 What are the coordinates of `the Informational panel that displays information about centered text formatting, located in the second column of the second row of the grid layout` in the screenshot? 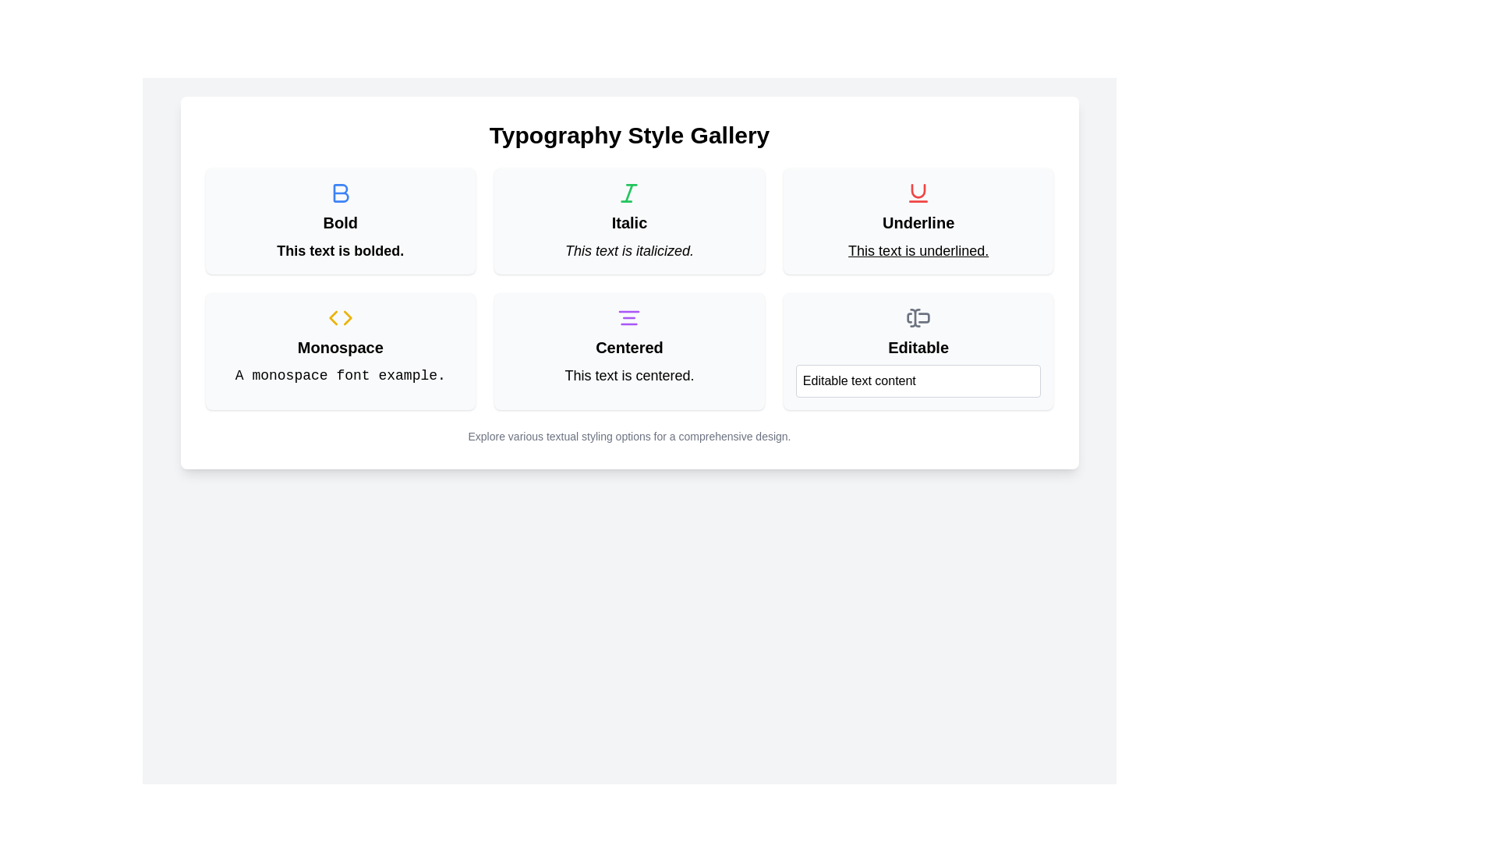 It's located at (629, 352).